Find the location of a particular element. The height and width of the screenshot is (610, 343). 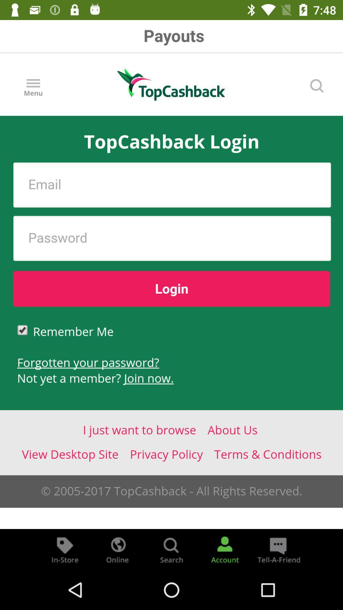

in-store tab is located at coordinates (65, 549).